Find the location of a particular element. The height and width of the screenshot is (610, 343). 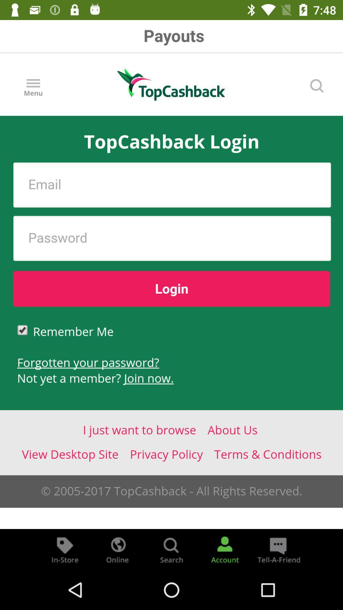

in-store tab is located at coordinates (65, 549).